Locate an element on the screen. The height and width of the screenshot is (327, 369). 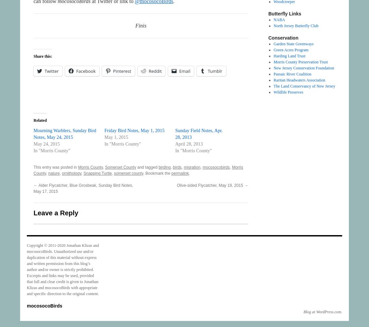
'New Jersey Conservation Foundation' is located at coordinates (303, 68).